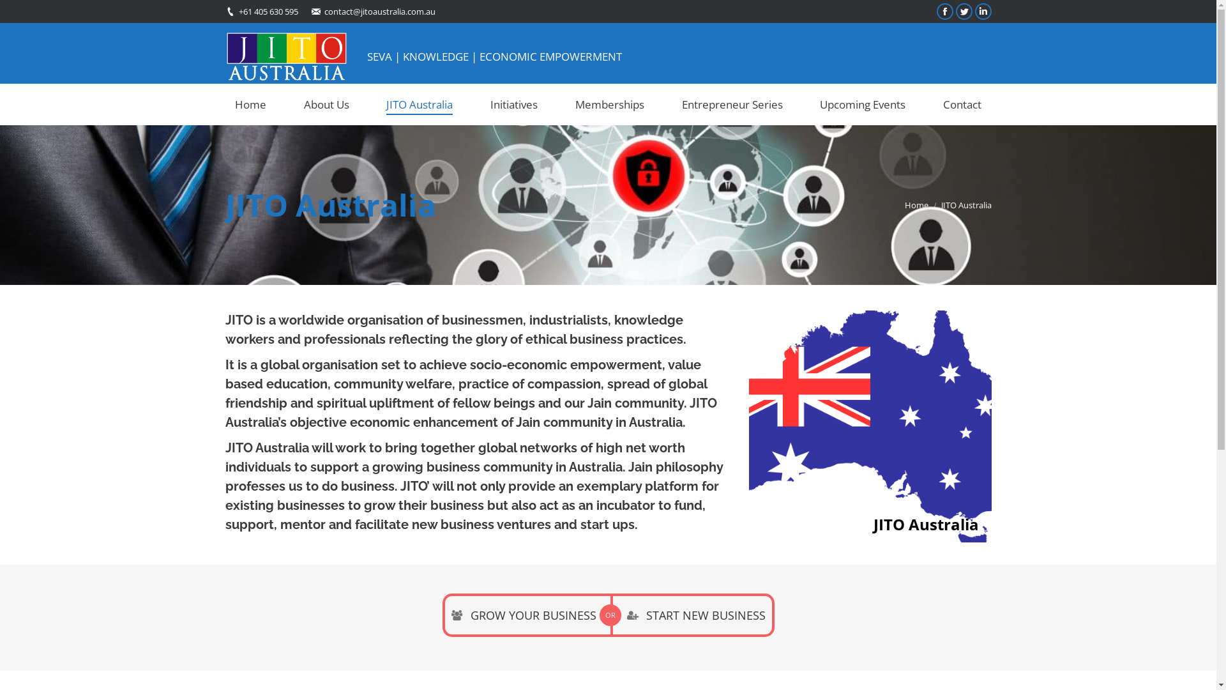  What do you see at coordinates (268, 11) in the screenshot?
I see `'+61 405 630 595'` at bounding box center [268, 11].